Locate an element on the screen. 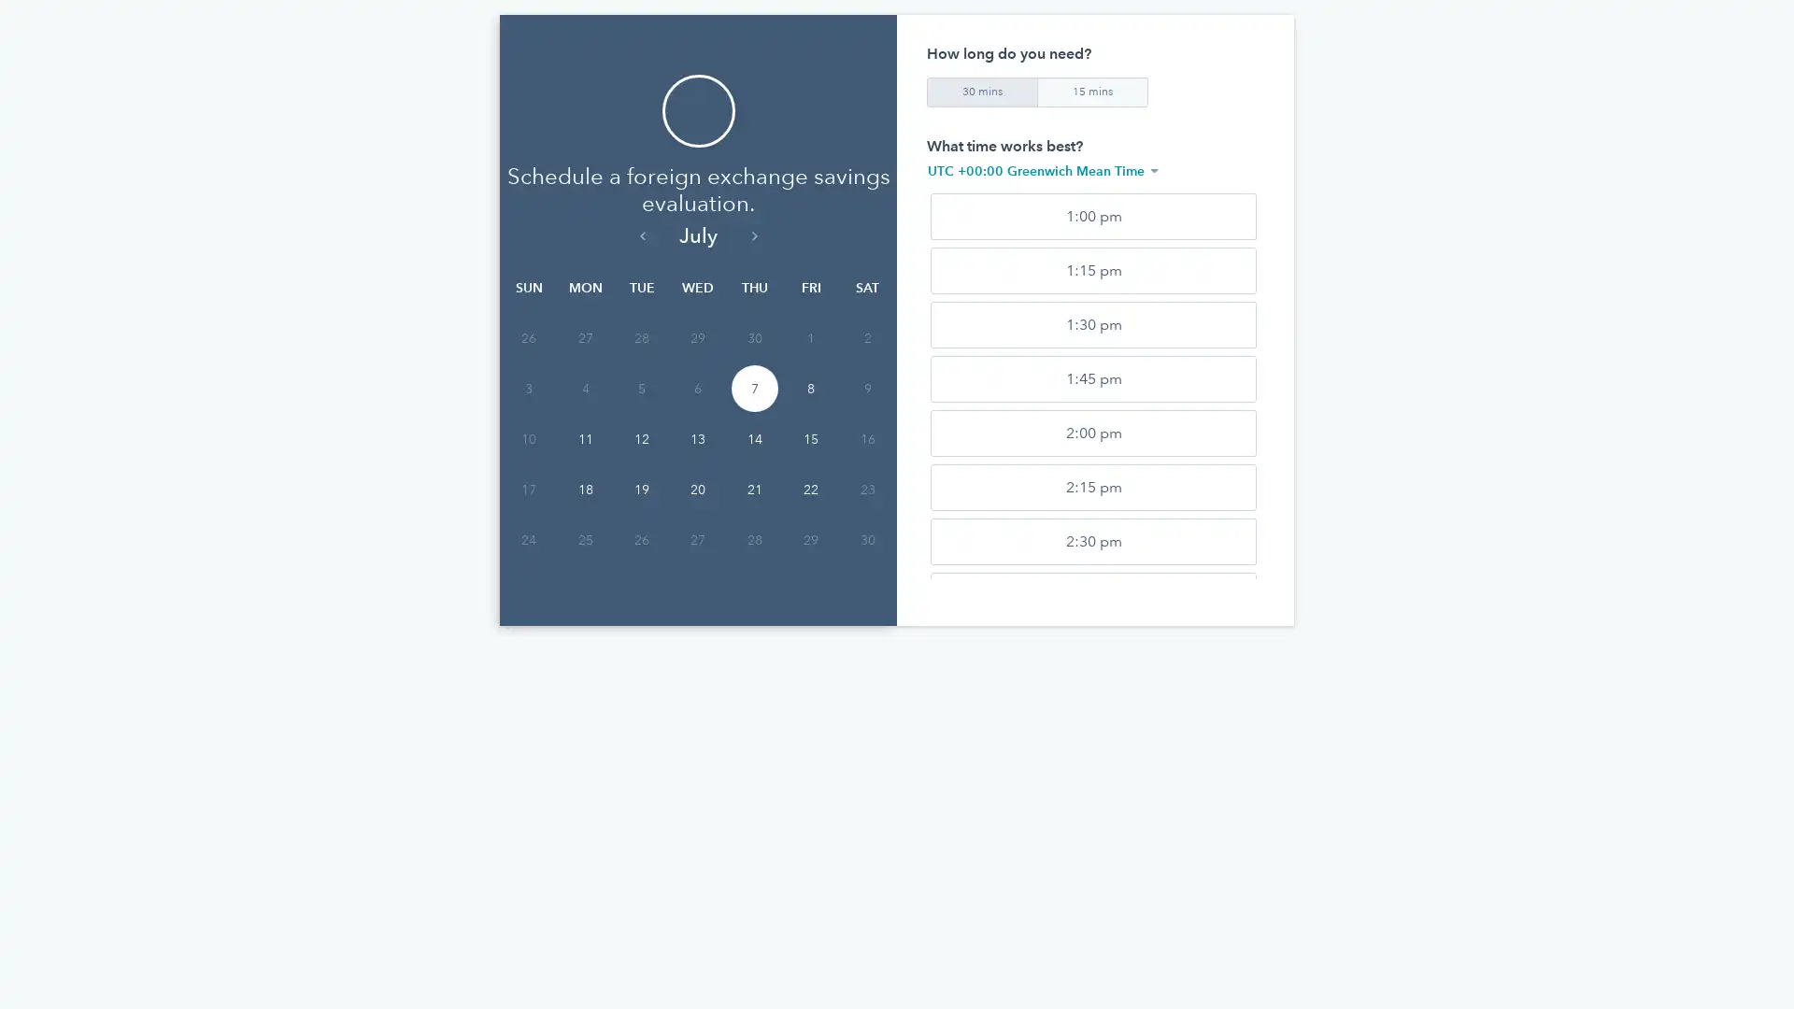 The width and height of the screenshot is (1794, 1009). July 3rd is located at coordinates (528, 388).